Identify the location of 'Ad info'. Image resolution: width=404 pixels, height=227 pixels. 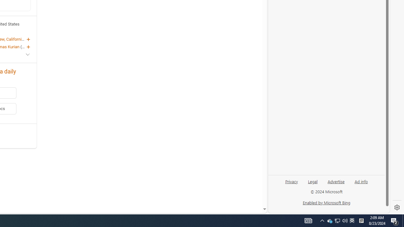
(361, 181).